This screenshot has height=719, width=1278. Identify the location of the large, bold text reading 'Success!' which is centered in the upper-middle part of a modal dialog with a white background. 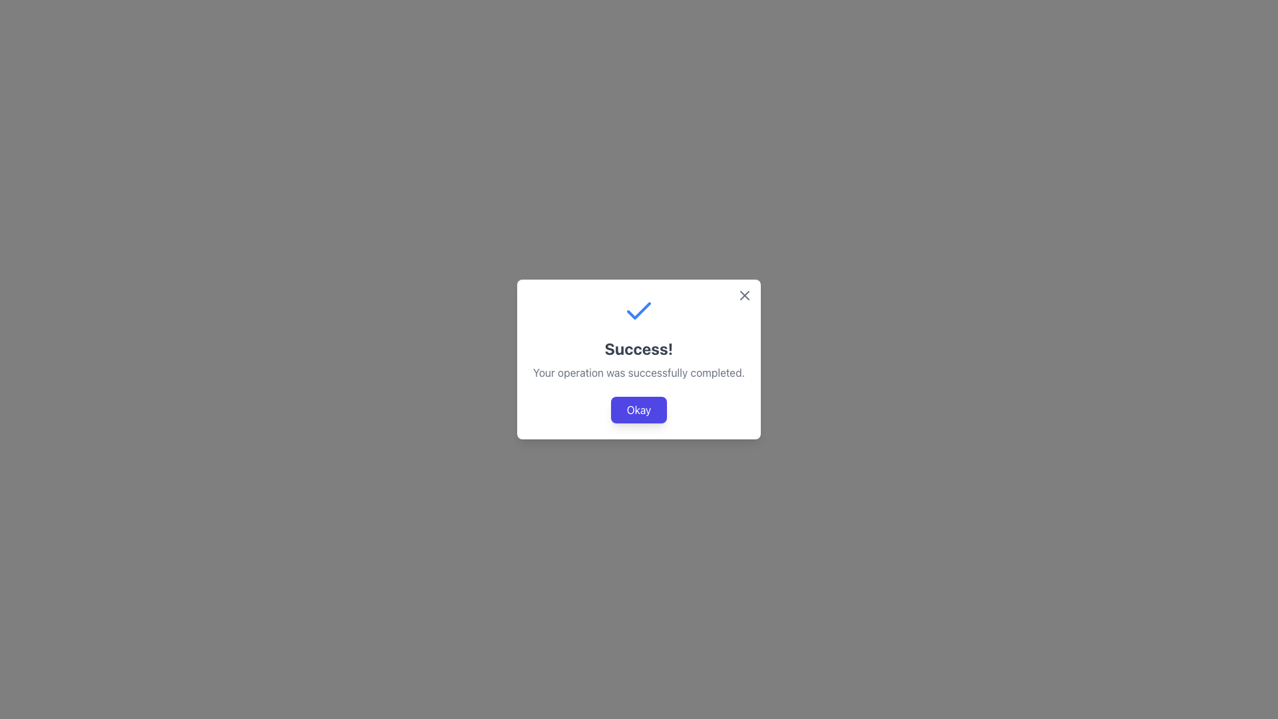
(639, 348).